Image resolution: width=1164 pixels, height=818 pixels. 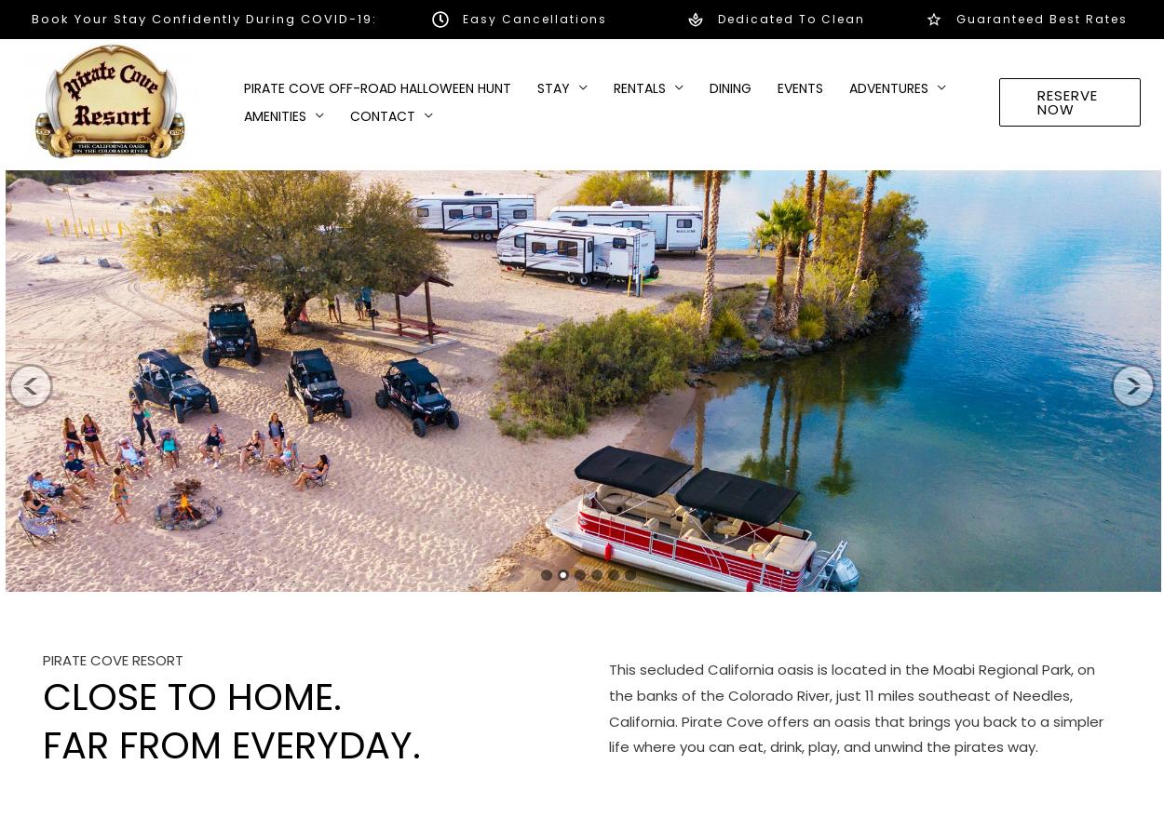 What do you see at coordinates (112, 659) in the screenshot?
I see `'Pirate Cove Resort'` at bounding box center [112, 659].